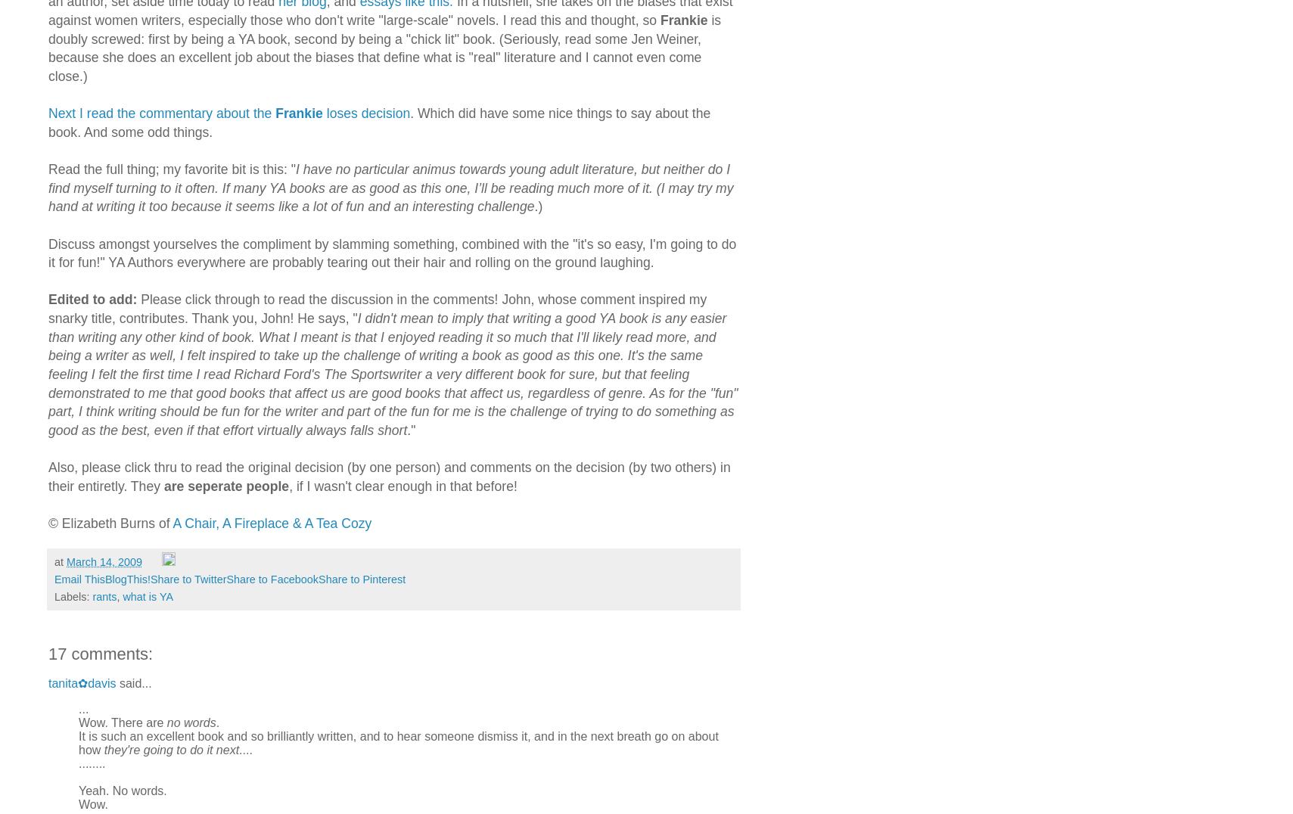 The height and width of the screenshot is (814, 1293). Describe the element at coordinates (132, 682) in the screenshot. I see `'said...'` at that location.